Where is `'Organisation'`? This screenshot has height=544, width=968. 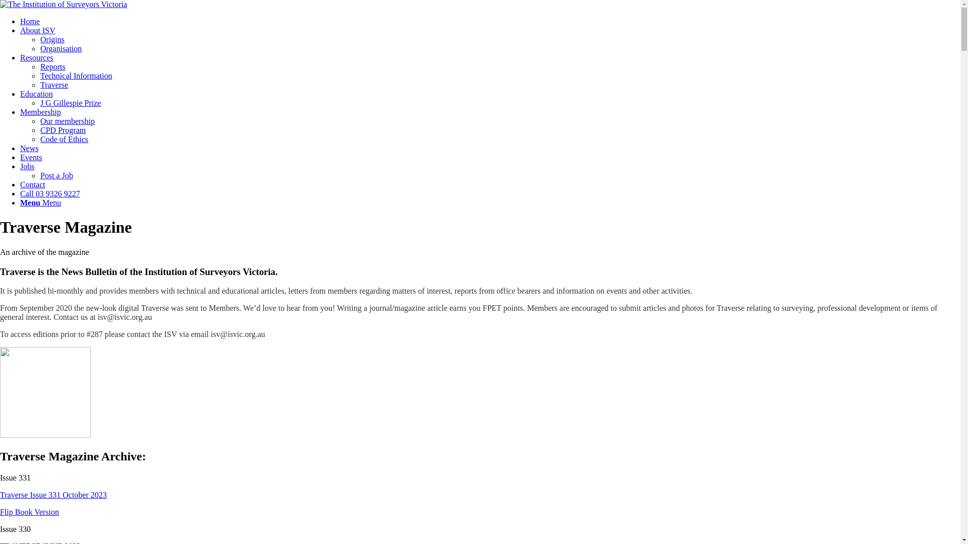
'Organisation' is located at coordinates (60, 48).